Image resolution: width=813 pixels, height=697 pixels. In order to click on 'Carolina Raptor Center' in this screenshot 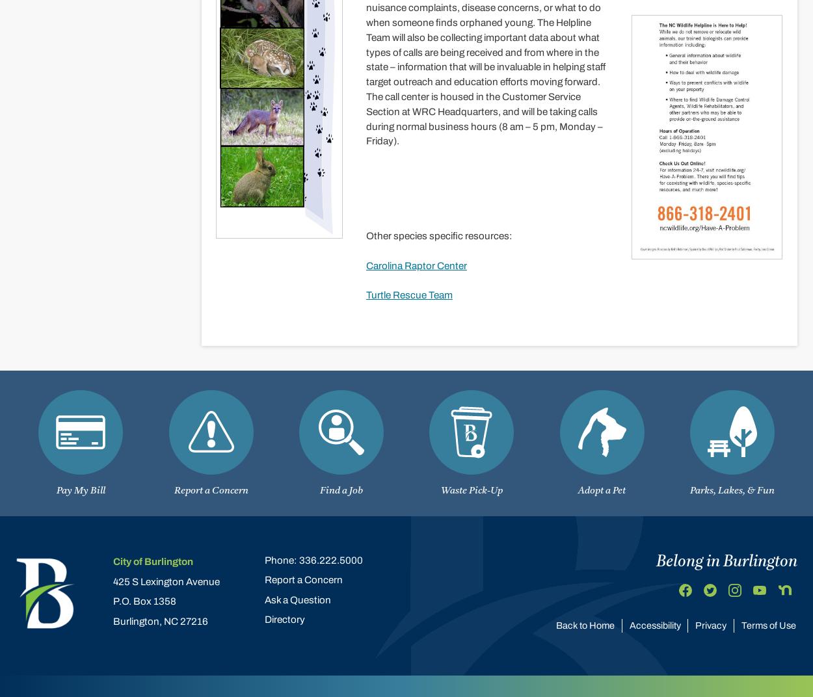, I will do `click(416, 265)`.